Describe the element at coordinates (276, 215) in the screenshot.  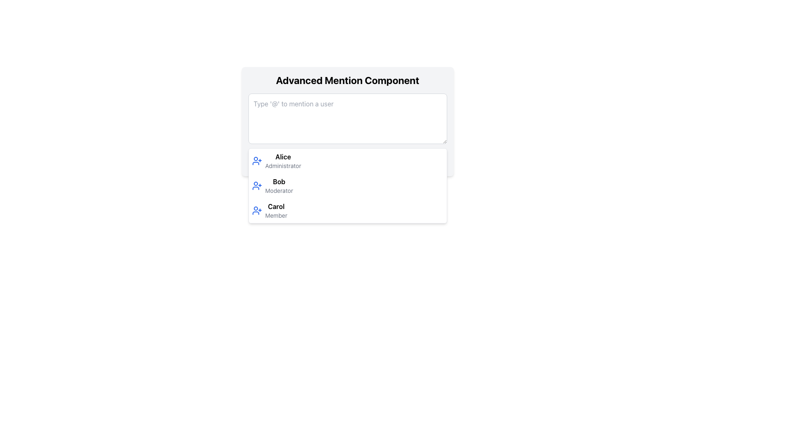
I see `the non-interactive text label that describes the role of the user named 'Carol', positioned directly below her name in the user listing` at that location.